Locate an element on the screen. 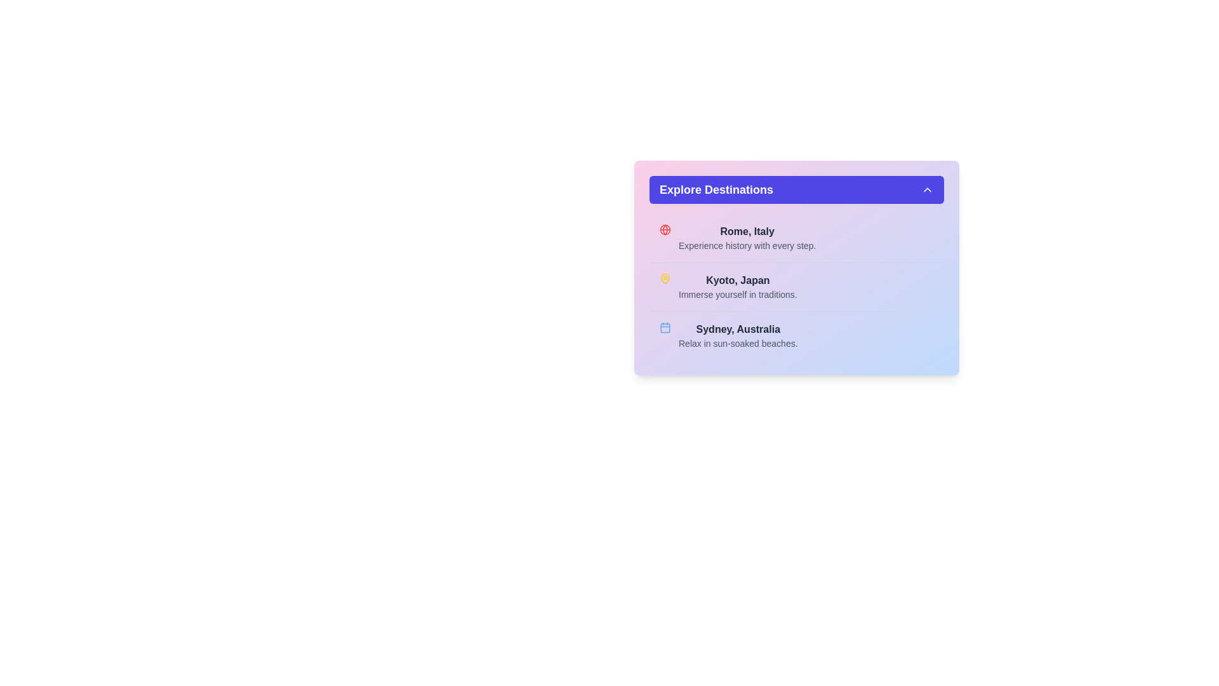 Image resolution: width=1219 pixels, height=686 pixels. the informational card representing the destination Kyoto, Japan, which is the second item in a vertical list with a gradient background transitioning from pink to blue is located at coordinates (796, 271).